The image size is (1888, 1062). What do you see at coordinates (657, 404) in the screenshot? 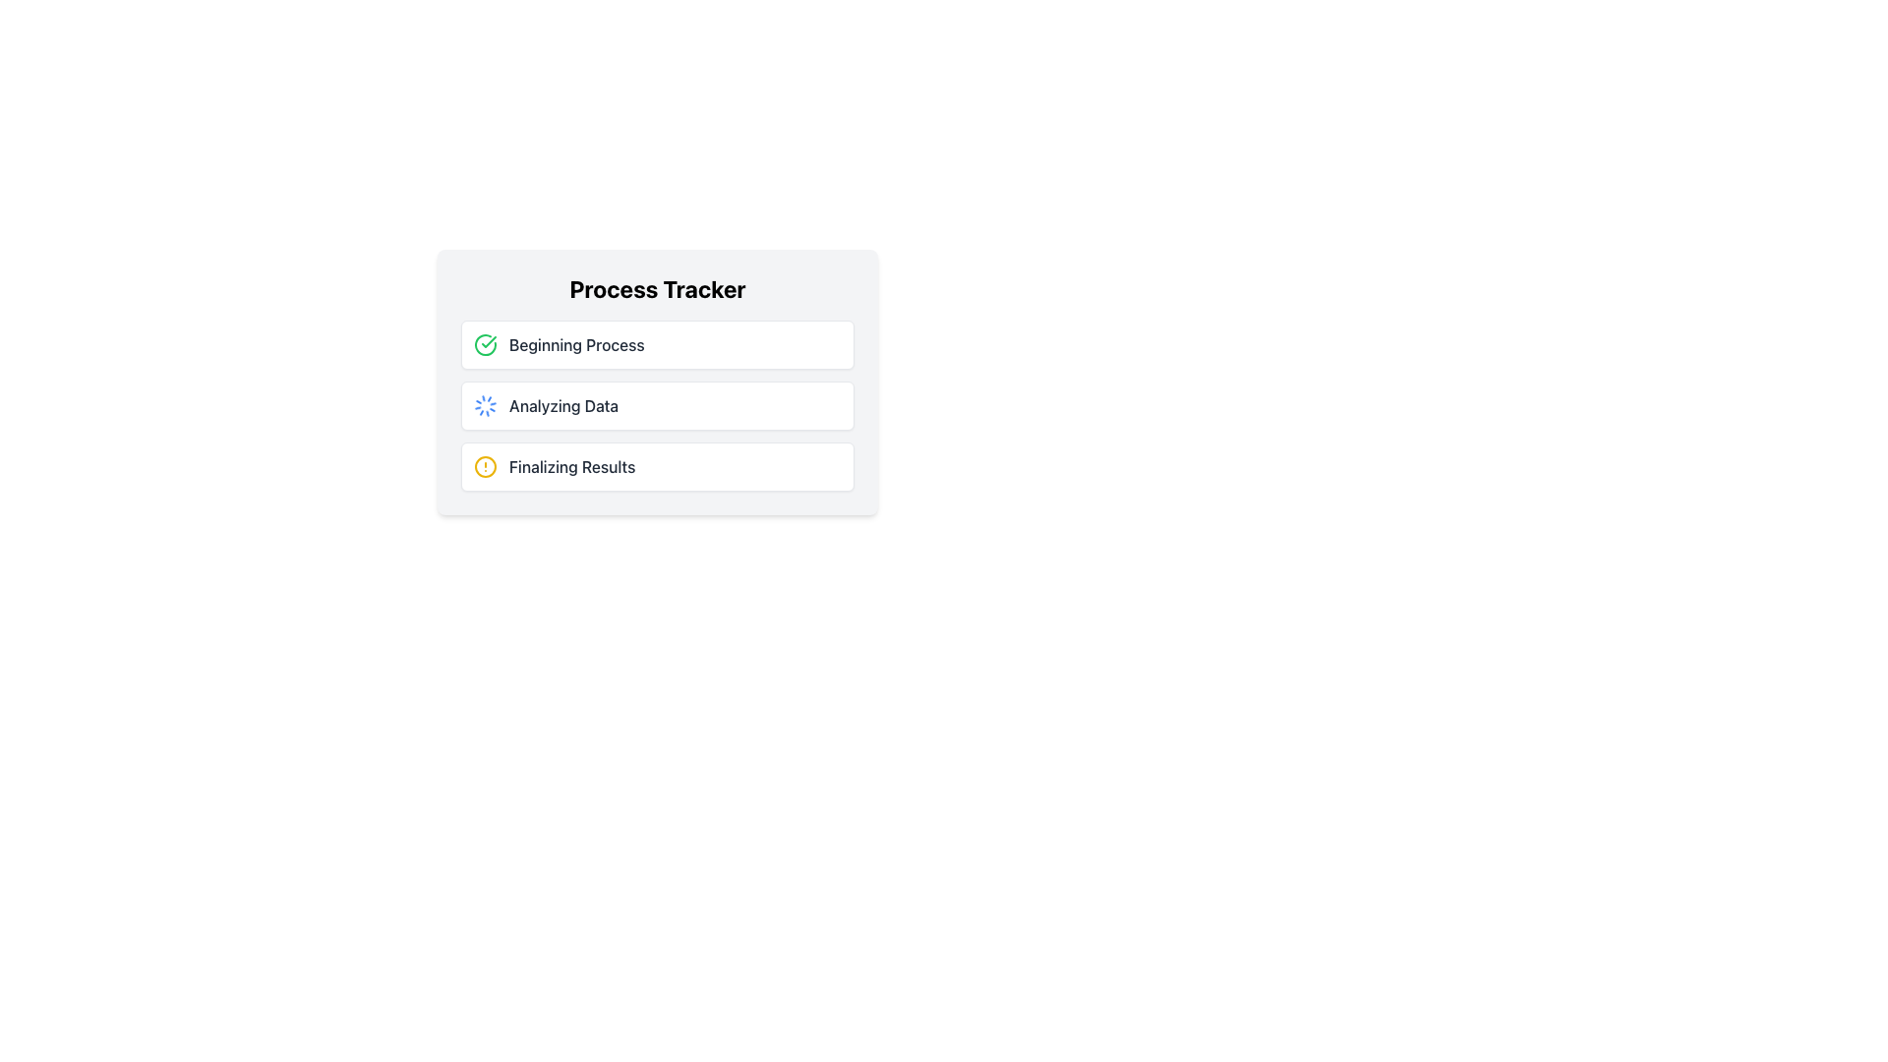
I see `the progress by interacting with the Status indicator located in the 'Process Tracker' interface, specifically the second item under 'Beginning Process', which shows the ongoing data analysis` at bounding box center [657, 404].